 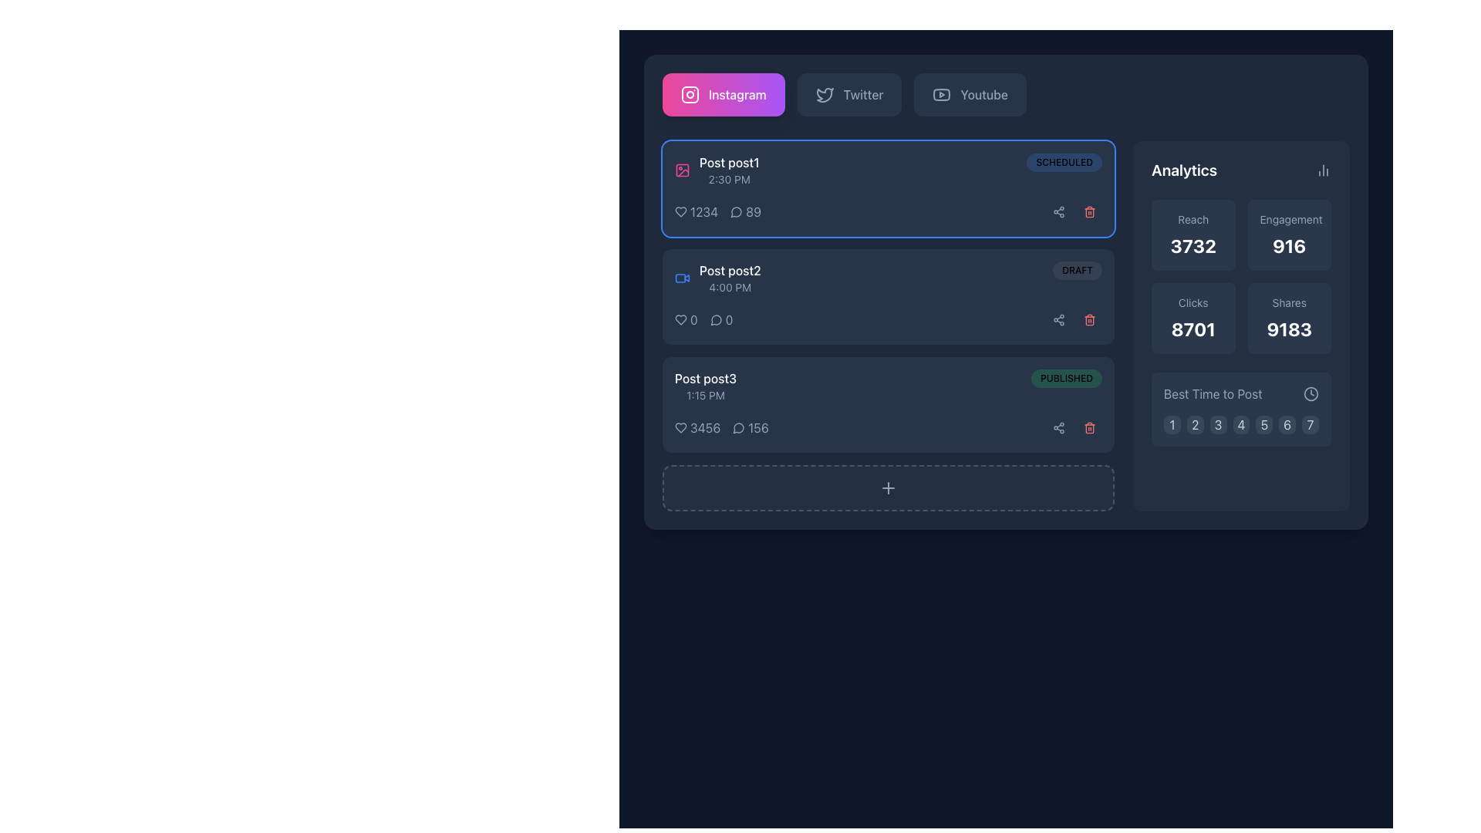 What do you see at coordinates (754, 211) in the screenshot?
I see `text content '89' from the static label displayed in a bold font, positioned to the right of a comment icon within a social media post card layout` at bounding box center [754, 211].